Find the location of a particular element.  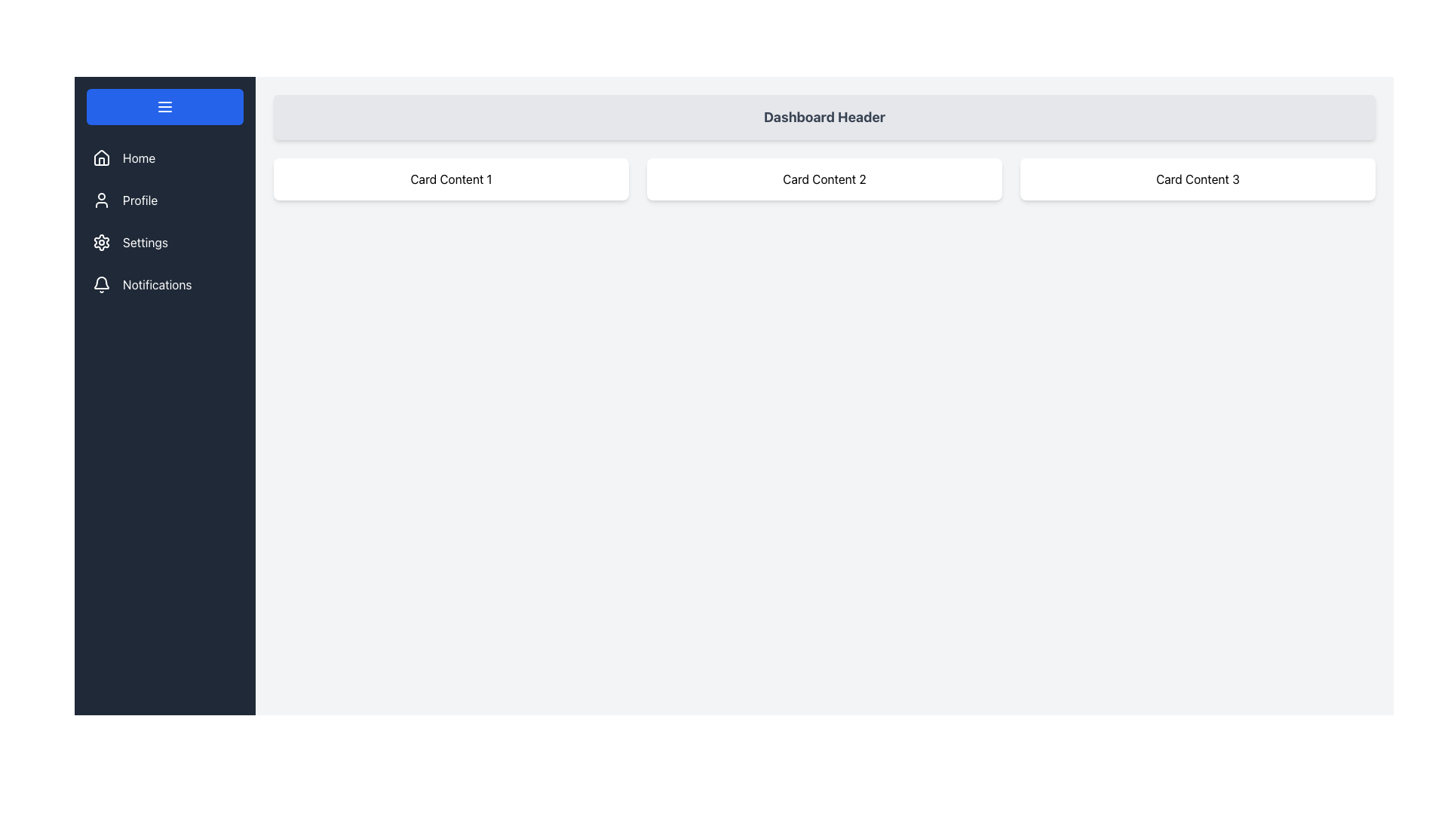

the 'Home' icon in the navigation menu is located at coordinates (100, 157).